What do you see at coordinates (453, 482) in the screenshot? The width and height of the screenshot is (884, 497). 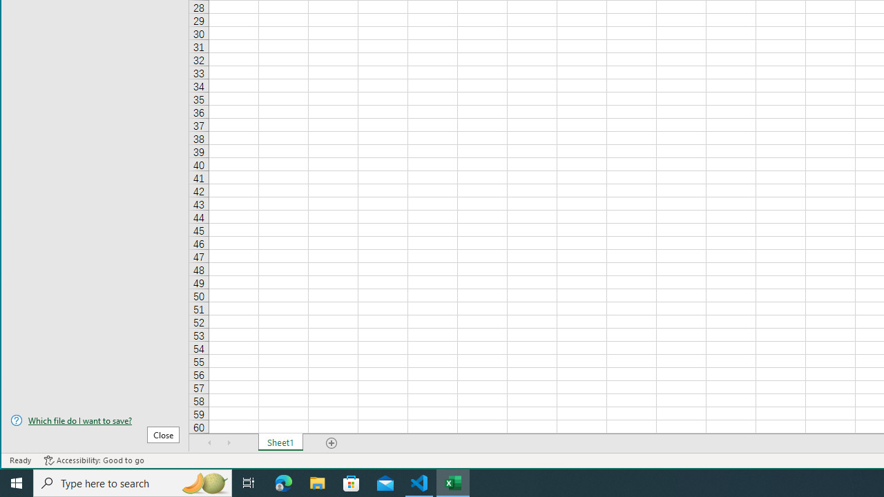 I see `'Excel - 1 running window'` at bounding box center [453, 482].